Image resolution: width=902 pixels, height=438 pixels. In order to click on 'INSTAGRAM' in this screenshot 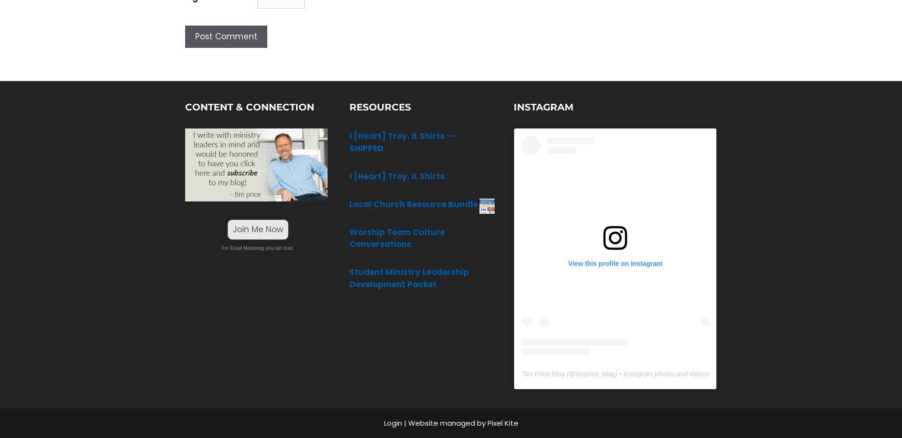, I will do `click(543, 107)`.